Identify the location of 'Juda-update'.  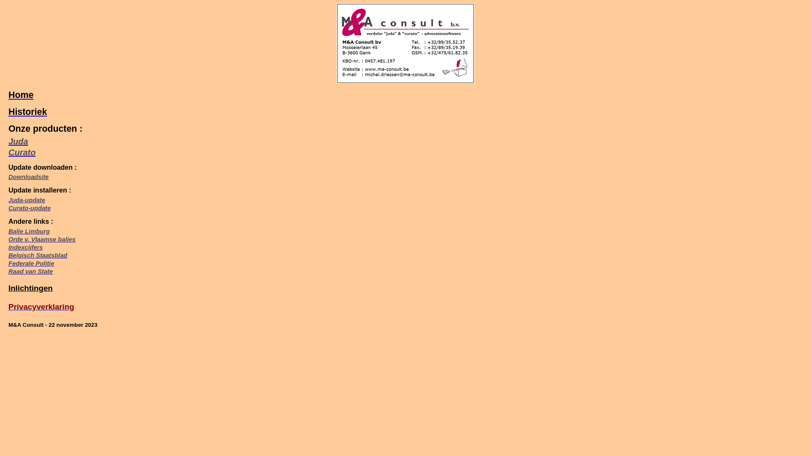
(27, 200).